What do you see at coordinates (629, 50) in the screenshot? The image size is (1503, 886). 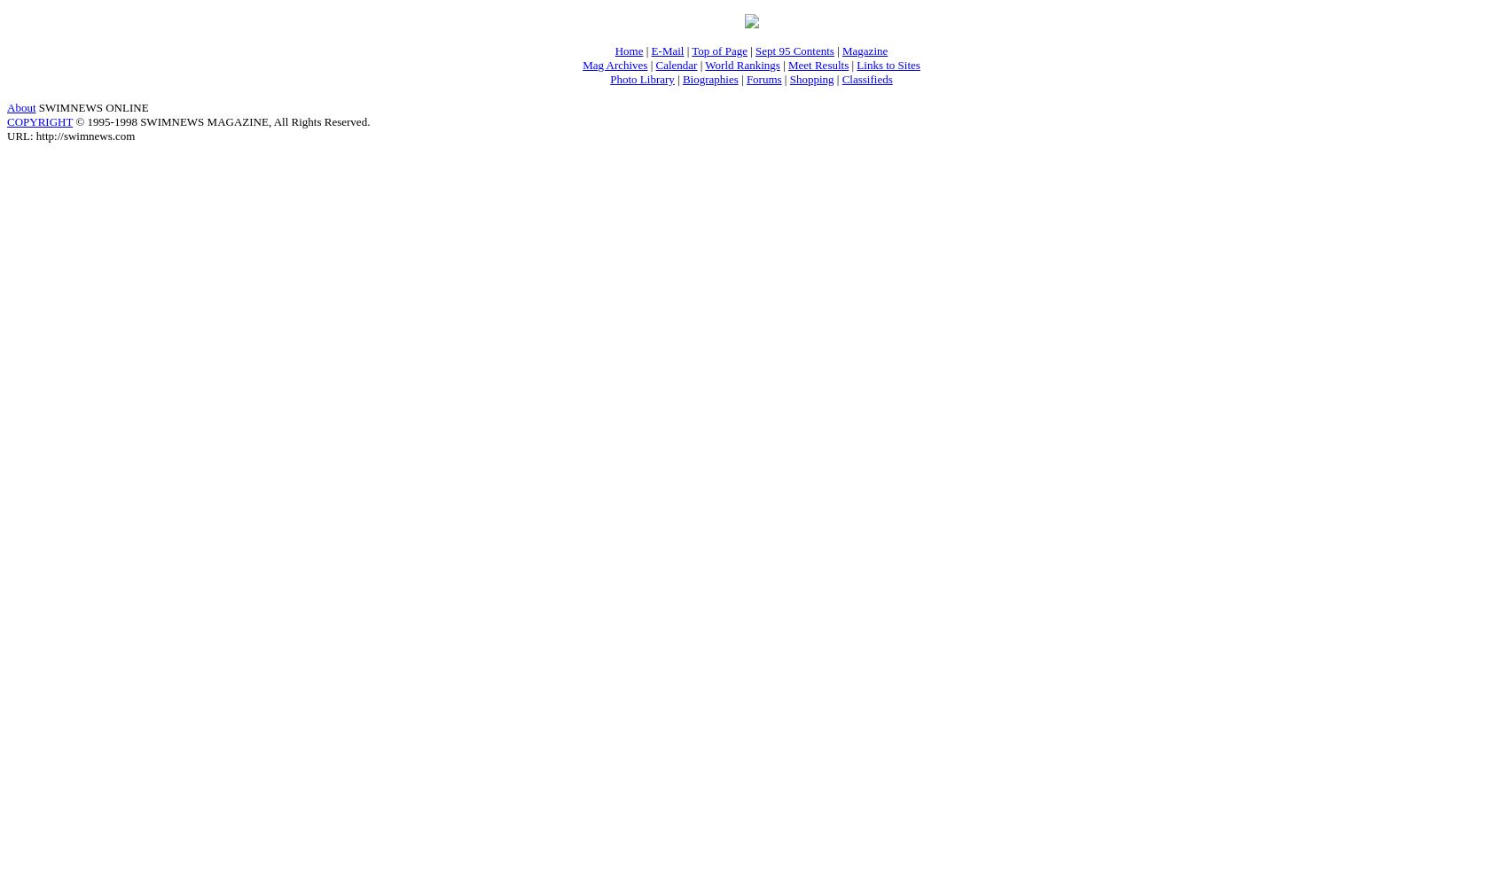 I see `'Home'` at bounding box center [629, 50].